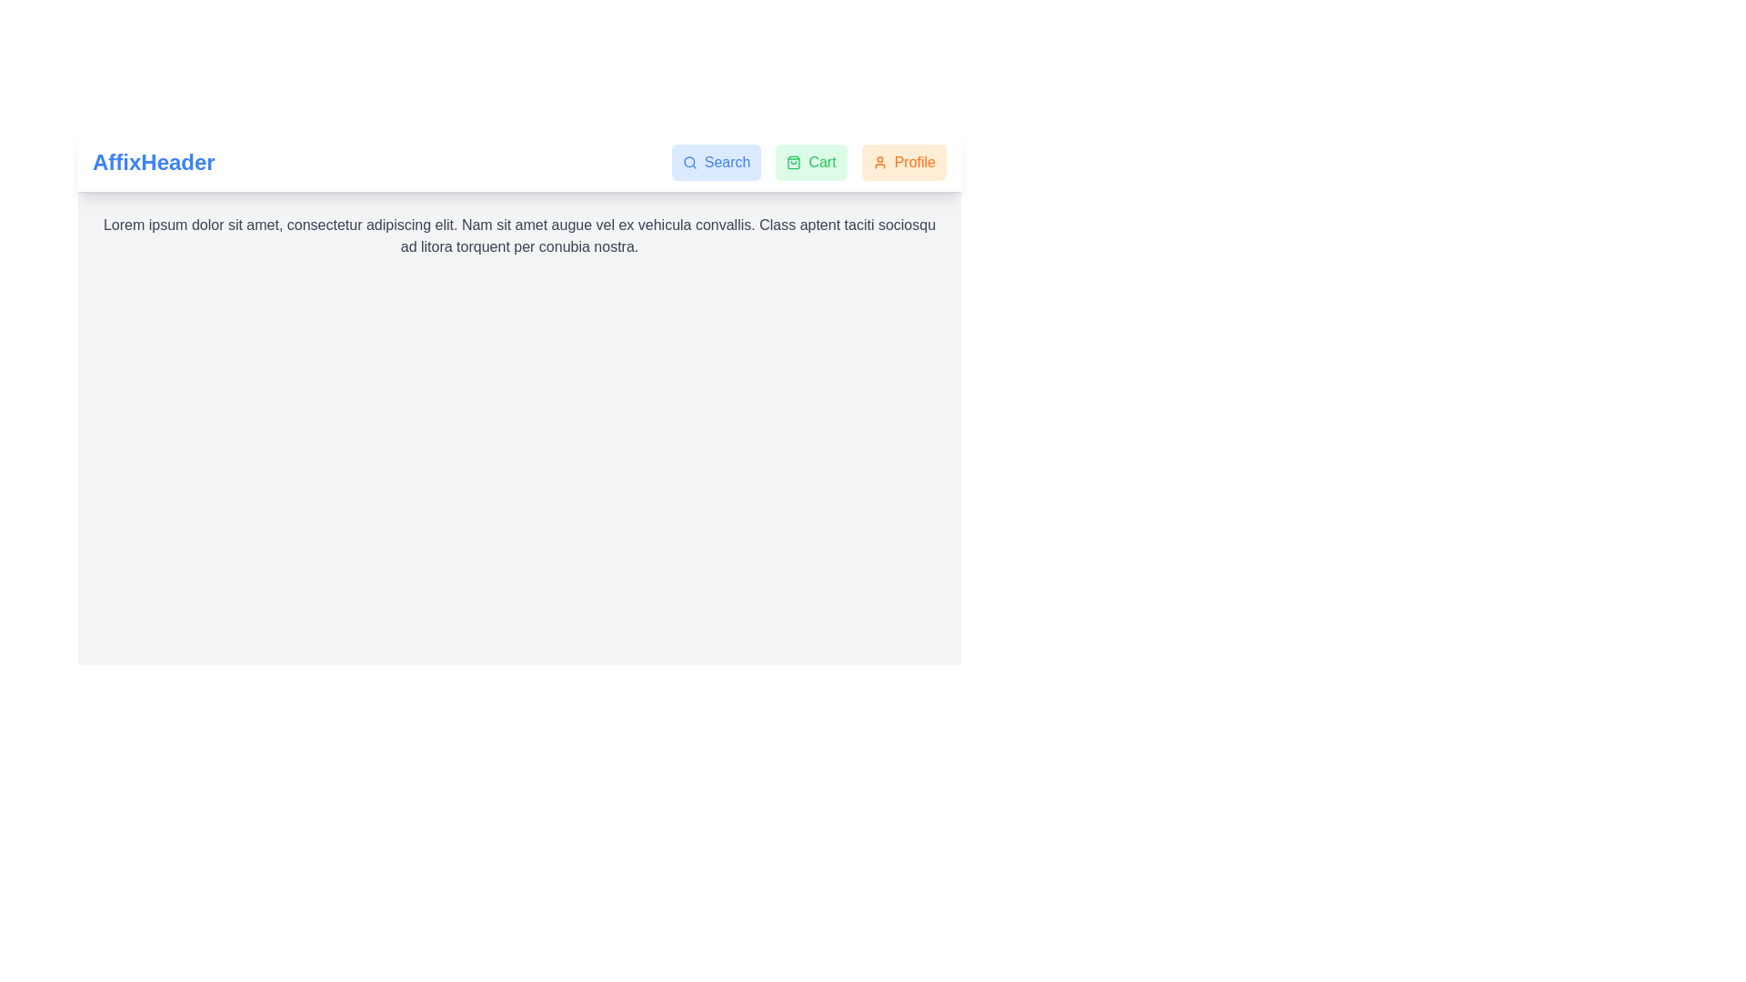 The height and width of the screenshot is (982, 1746). I want to click on the 'Search' button located in the top-right corner of the interface, so click(715, 161).